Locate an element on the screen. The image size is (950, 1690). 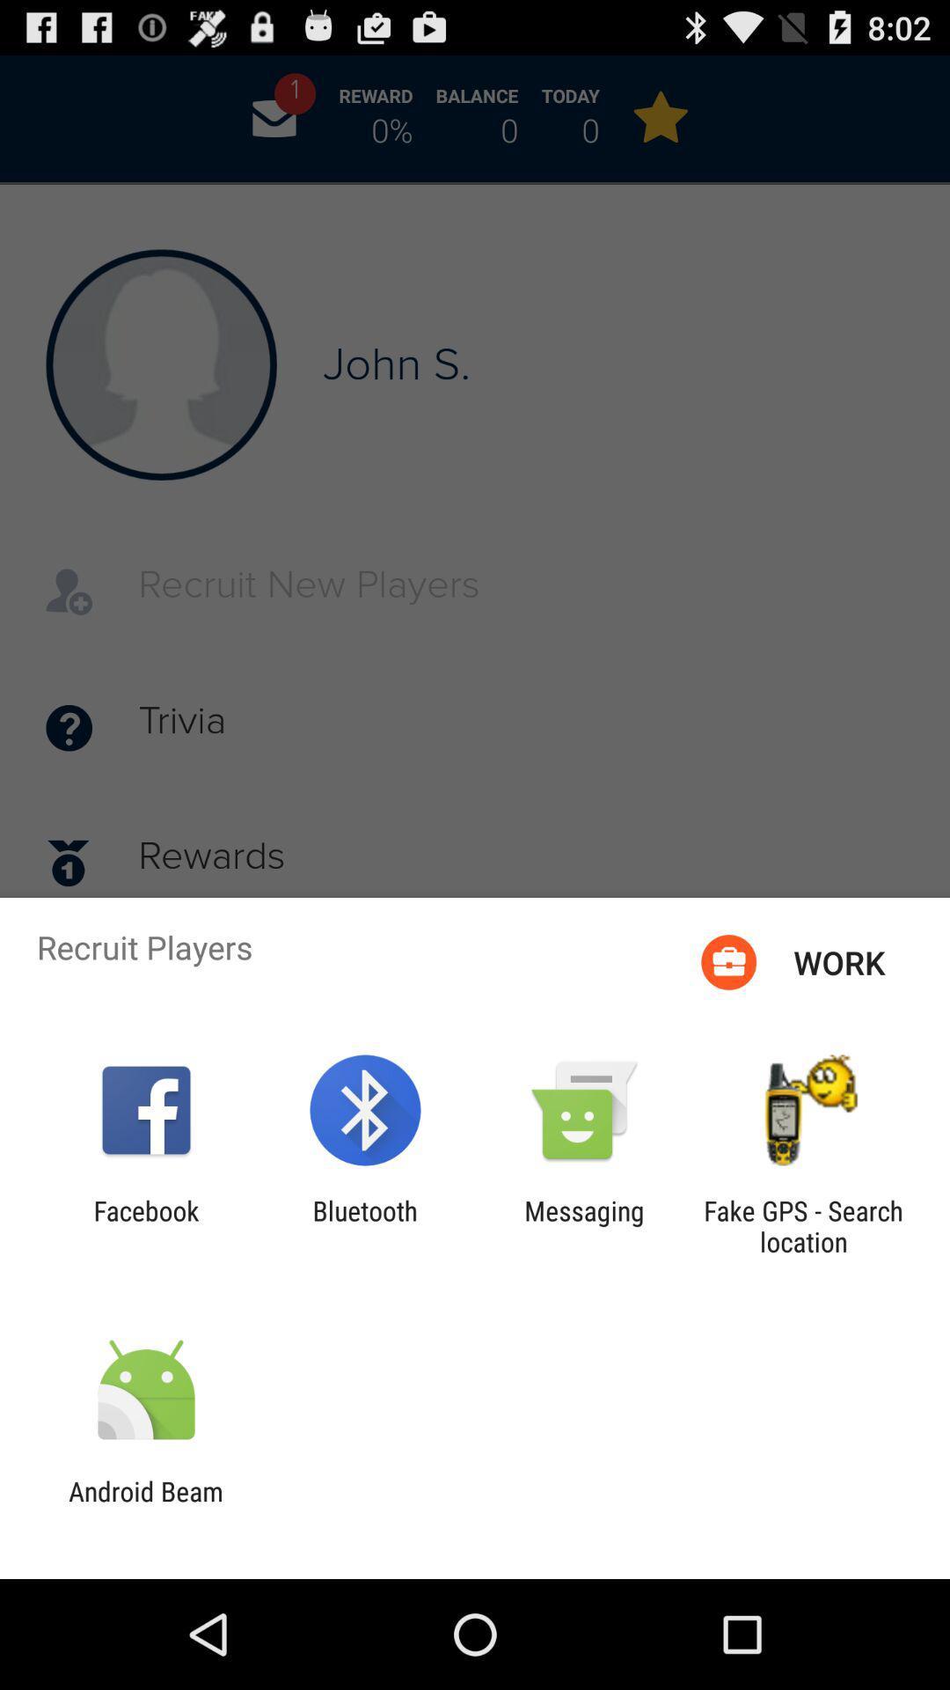
item next to messaging icon is located at coordinates (364, 1225).